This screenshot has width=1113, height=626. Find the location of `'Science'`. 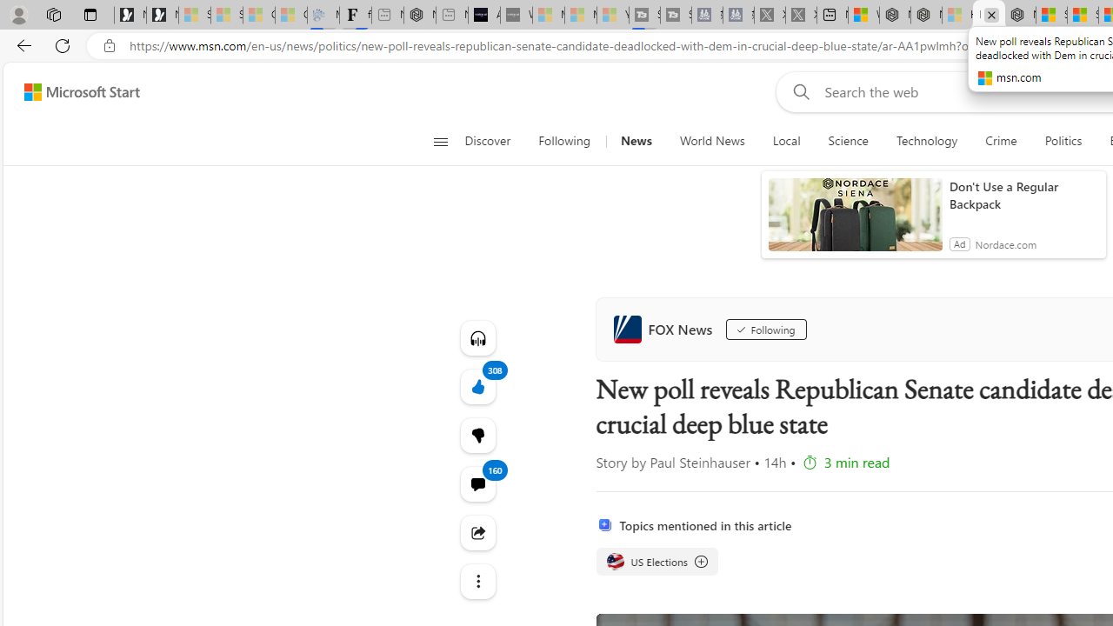

'Science' is located at coordinates (848, 141).